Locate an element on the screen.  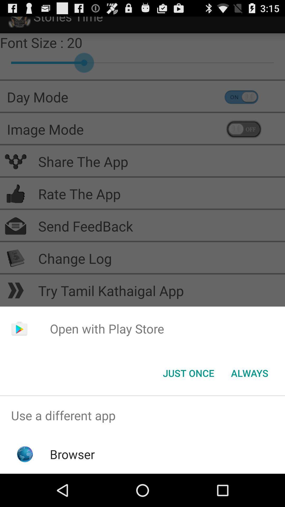
icon next to the just once is located at coordinates (249, 373).